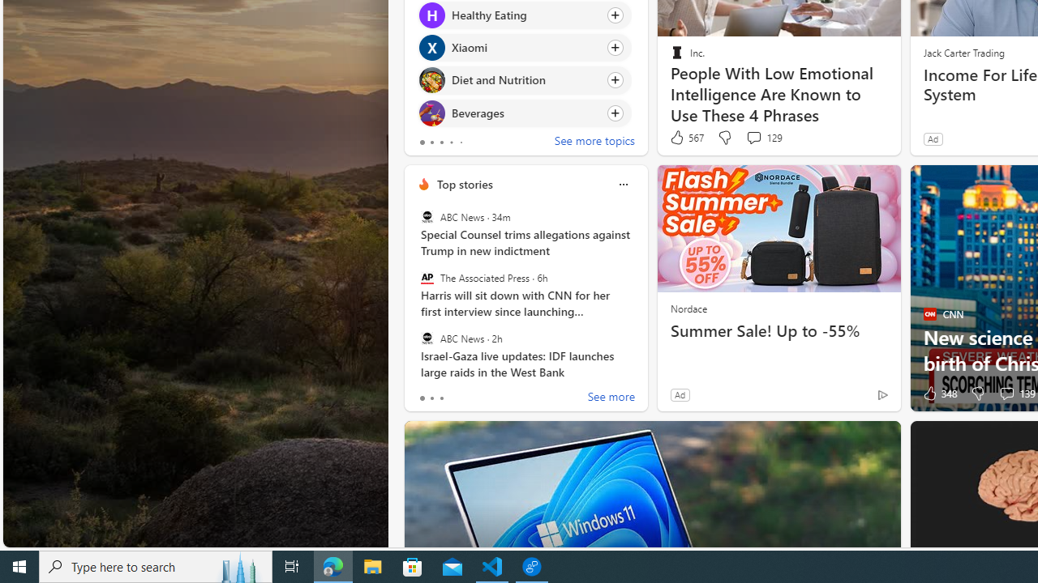  Describe the element at coordinates (963, 51) in the screenshot. I see `'Jack Carter Trading'` at that location.